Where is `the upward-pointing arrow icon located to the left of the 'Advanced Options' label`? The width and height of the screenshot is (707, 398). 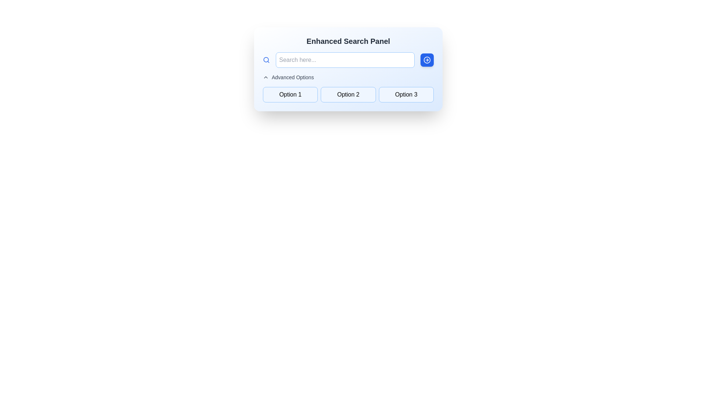
the upward-pointing arrow icon located to the left of the 'Advanced Options' label is located at coordinates (265, 77).